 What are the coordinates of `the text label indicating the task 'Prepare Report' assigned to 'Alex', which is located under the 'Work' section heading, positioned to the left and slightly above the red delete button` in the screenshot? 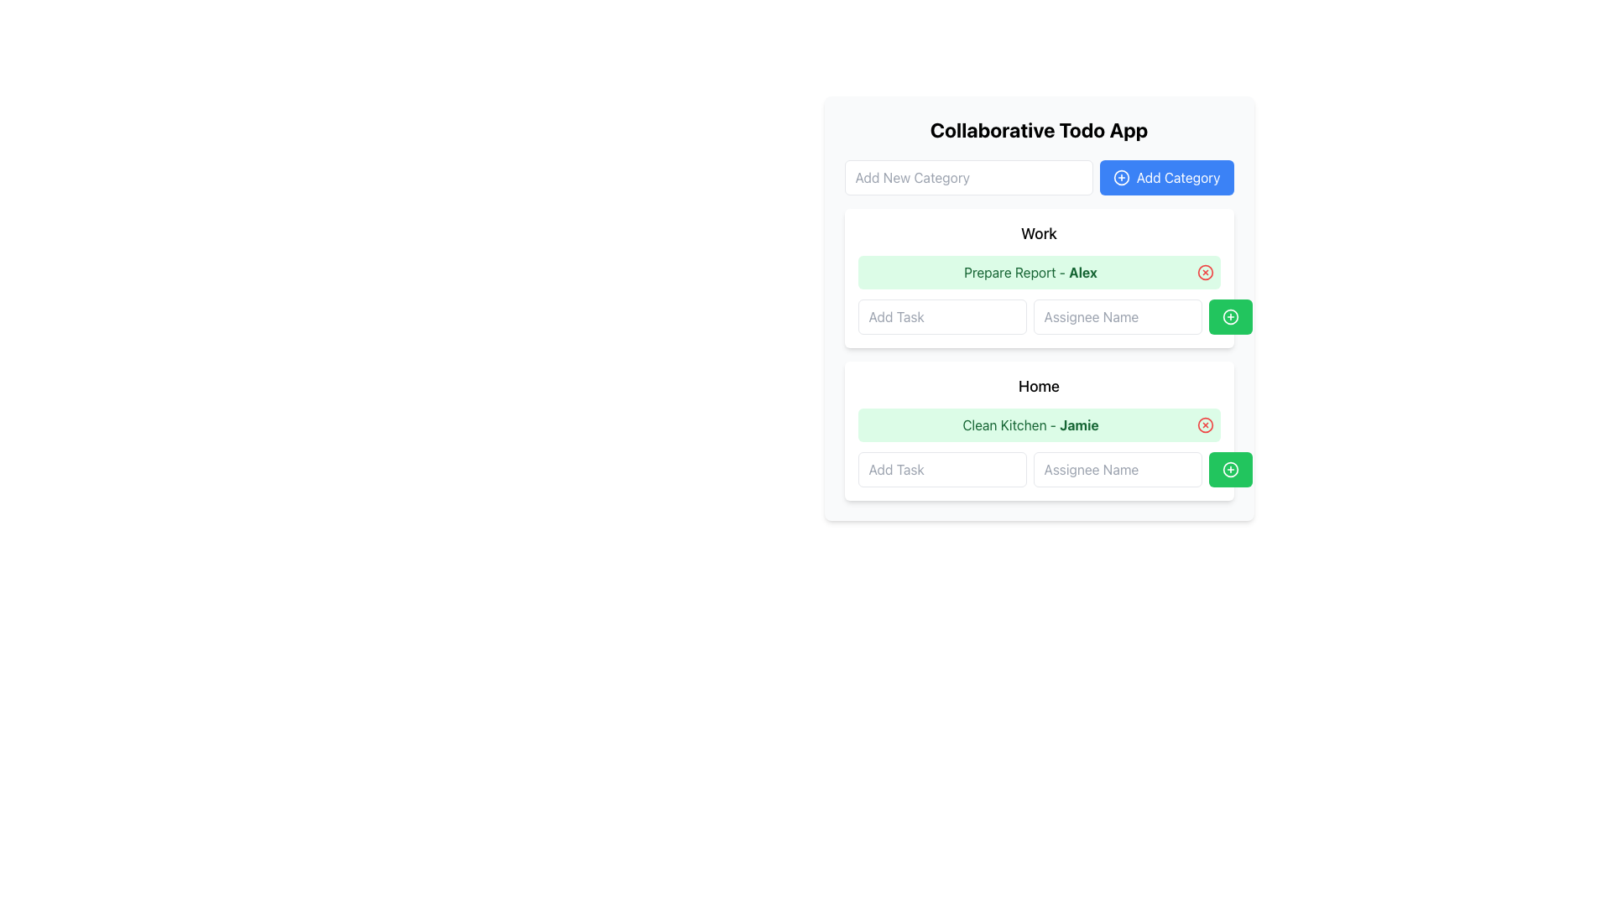 It's located at (1030, 271).